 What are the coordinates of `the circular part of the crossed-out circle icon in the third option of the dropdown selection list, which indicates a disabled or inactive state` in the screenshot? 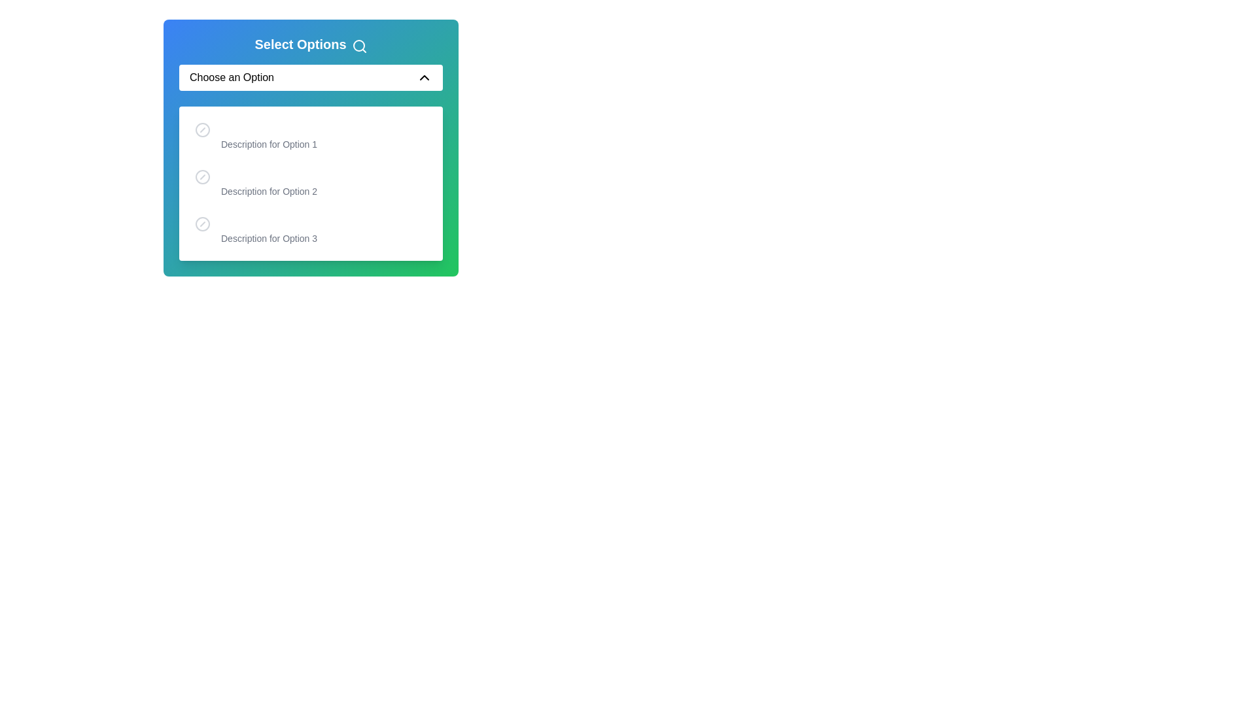 It's located at (202, 223).